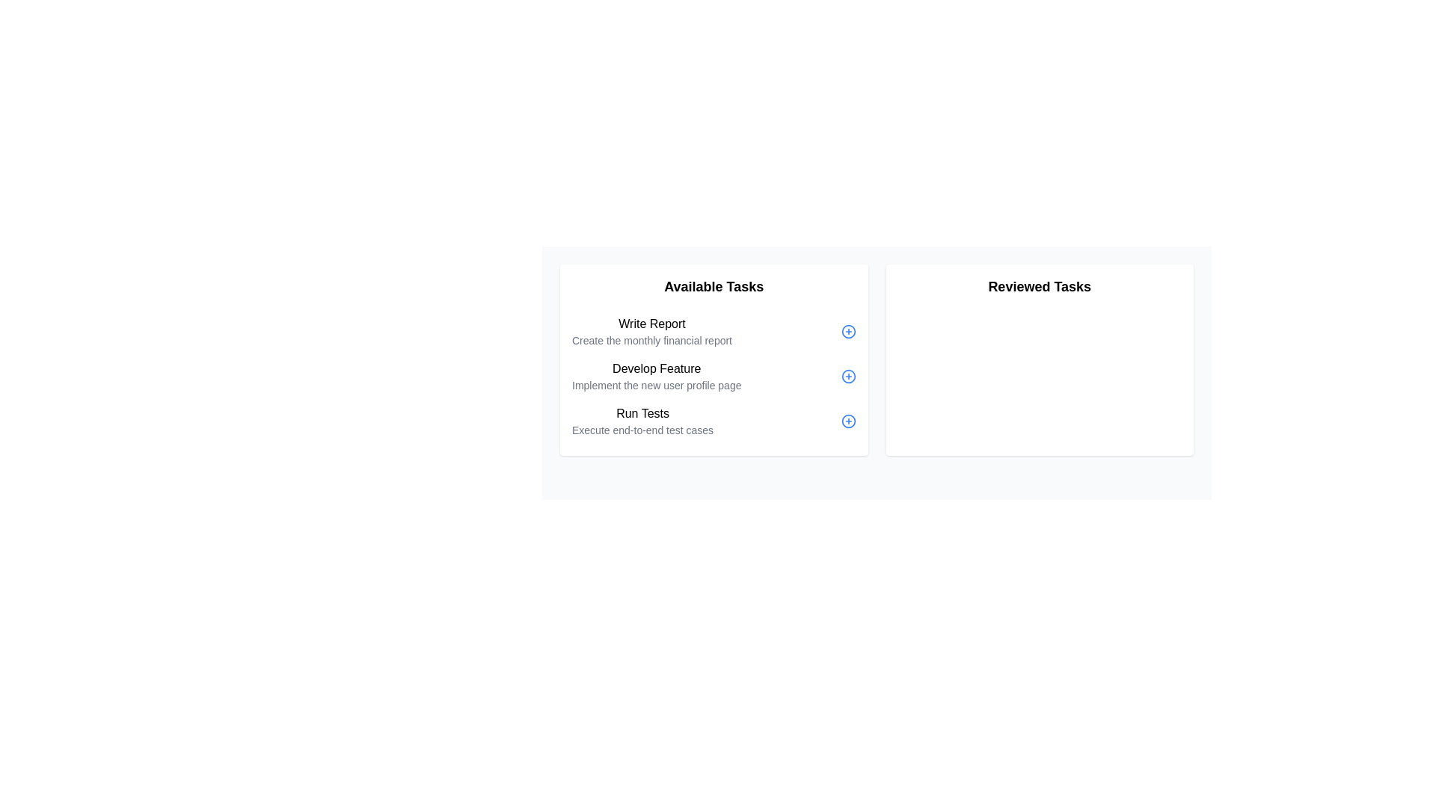  What do you see at coordinates (657, 376) in the screenshot?
I see `text content of the second task item in the 'Available Tasks' list, which contains a title and description for managing assignments` at bounding box center [657, 376].